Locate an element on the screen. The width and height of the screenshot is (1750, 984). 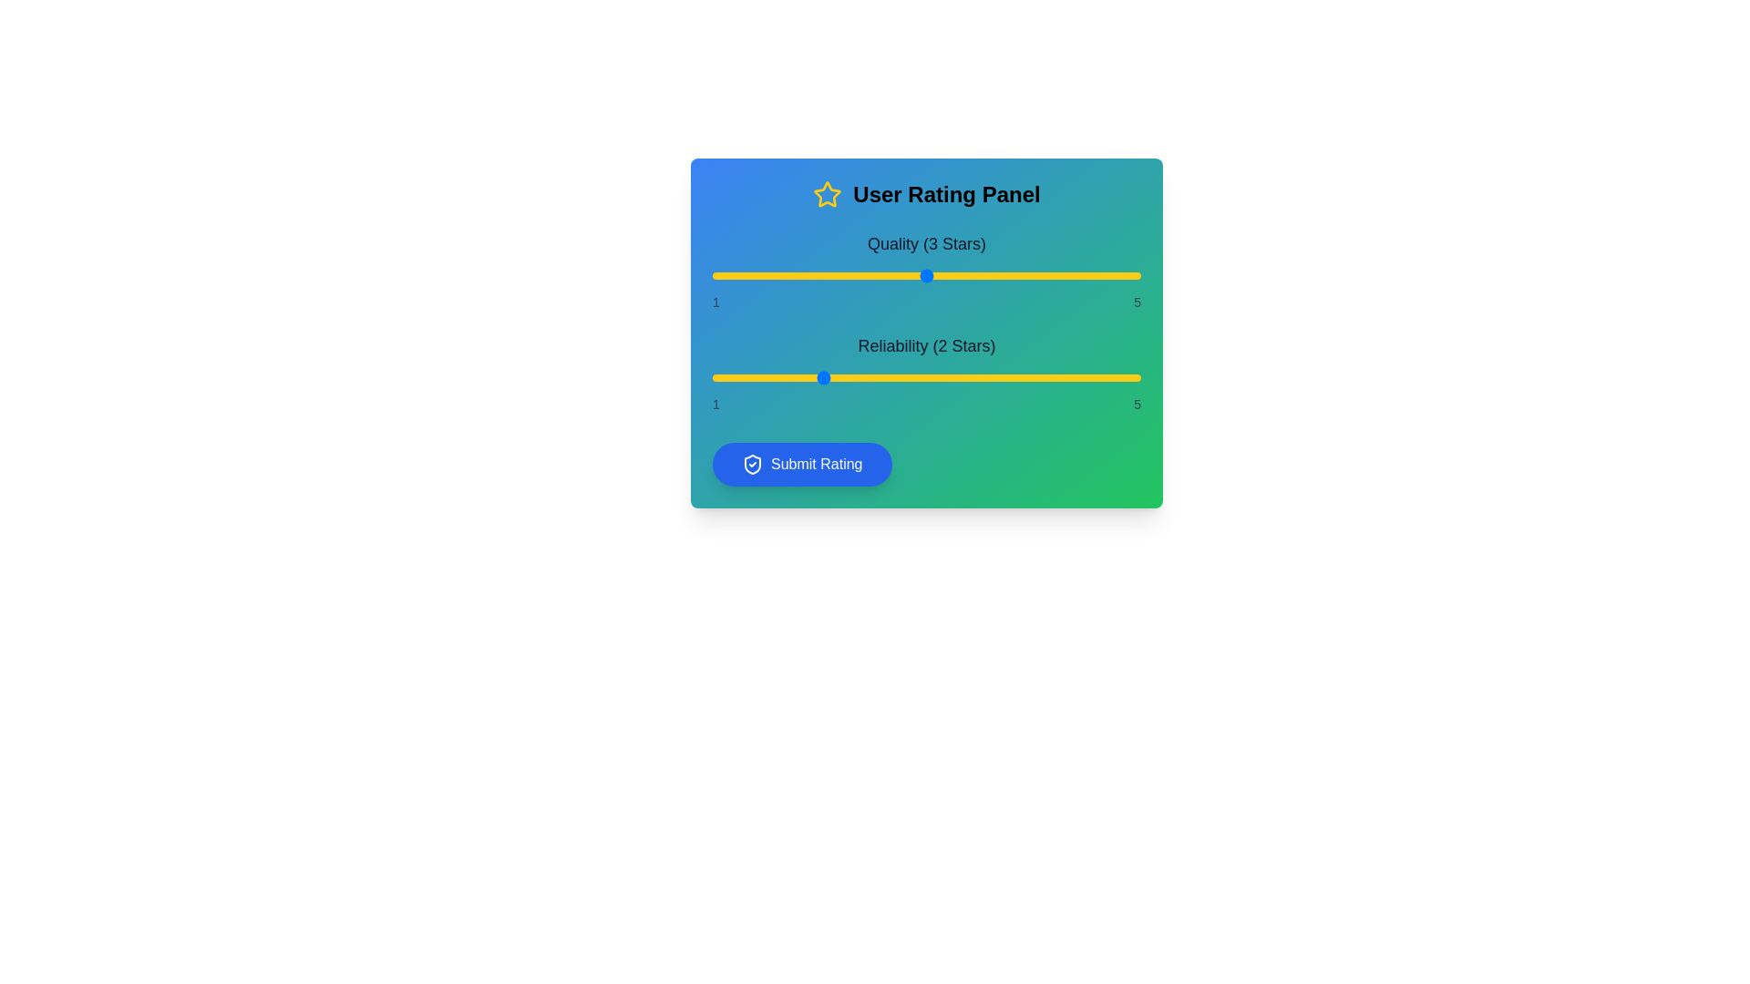
the 'Reliability' slider to 1 stars is located at coordinates (712, 377).